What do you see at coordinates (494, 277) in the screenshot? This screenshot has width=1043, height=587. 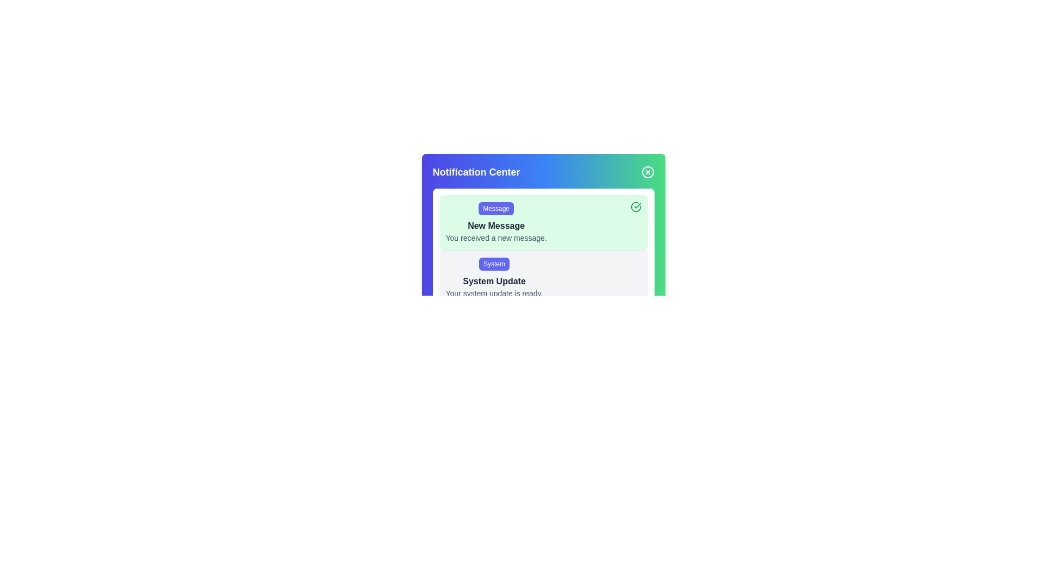 I see `the notification card that informs the user about the availability of a system update in the Notification Center` at bounding box center [494, 277].